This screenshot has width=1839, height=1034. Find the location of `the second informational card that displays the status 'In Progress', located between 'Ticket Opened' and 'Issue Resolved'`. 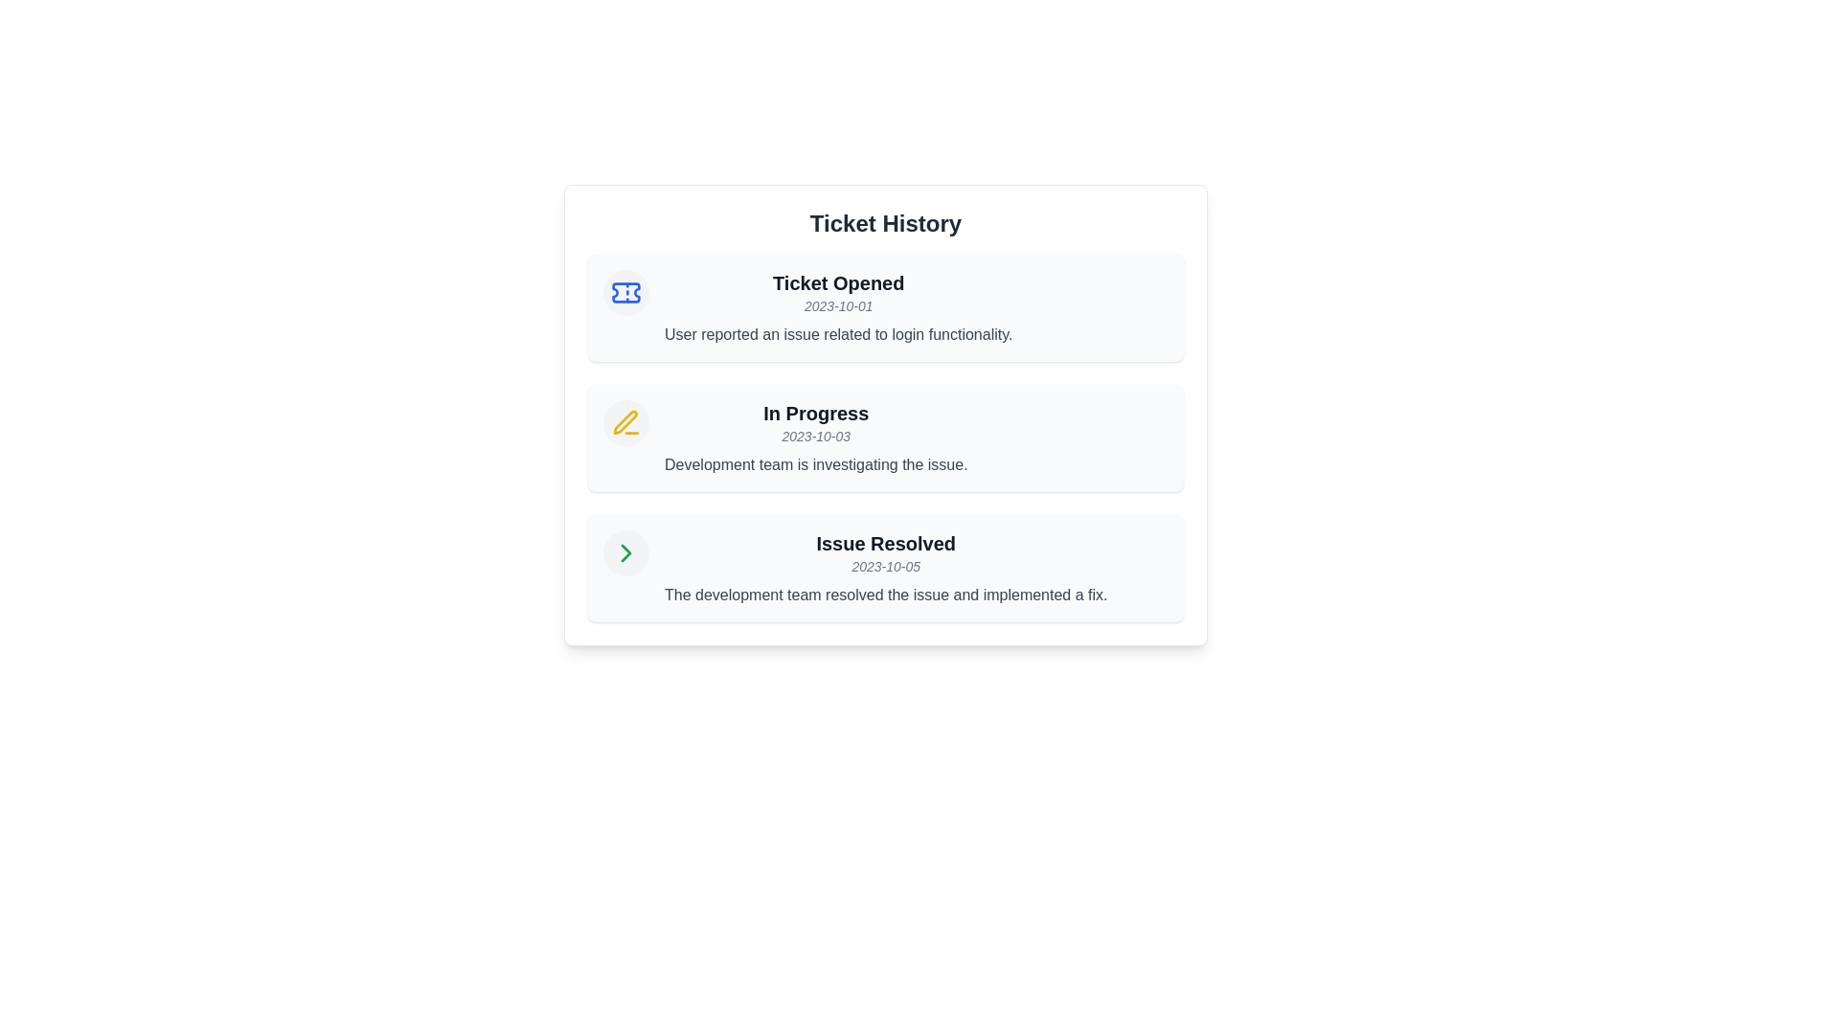

the second informational card that displays the status 'In Progress', located between 'Ticket Opened' and 'Issue Resolved' is located at coordinates (885, 438).